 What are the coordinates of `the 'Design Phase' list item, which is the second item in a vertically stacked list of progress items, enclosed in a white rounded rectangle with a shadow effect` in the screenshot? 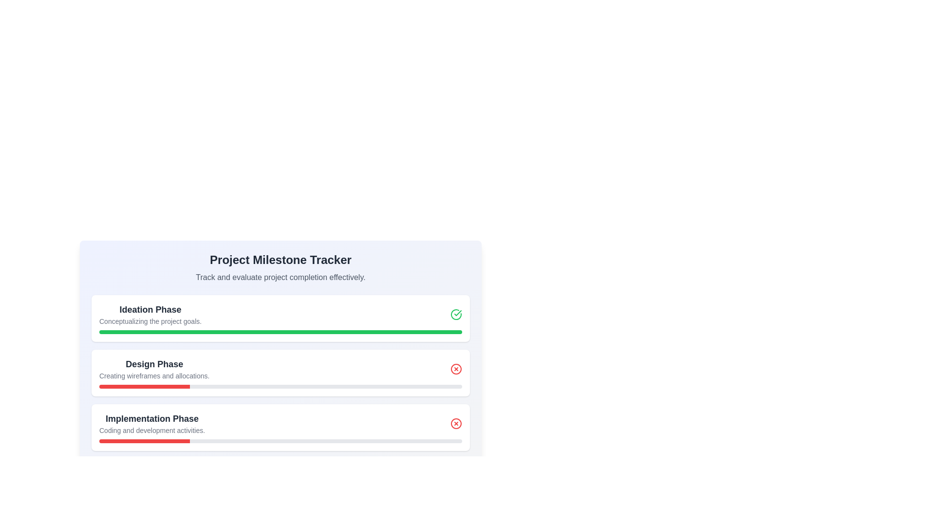 It's located at (280, 369).